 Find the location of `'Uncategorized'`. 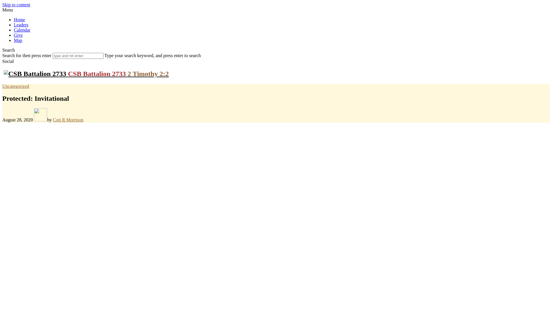

'Uncategorized' is located at coordinates (2, 86).